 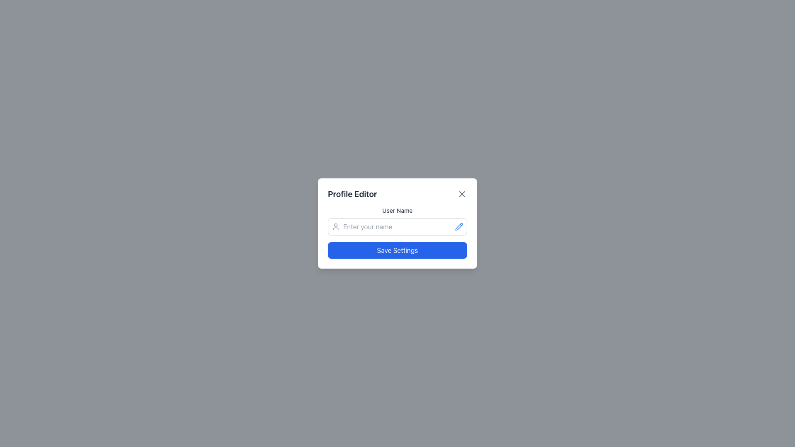 I want to click on the edit icon in the 'Profile Editor' modal, located to the right of the 'Enter your name' text input box, so click(x=458, y=226).